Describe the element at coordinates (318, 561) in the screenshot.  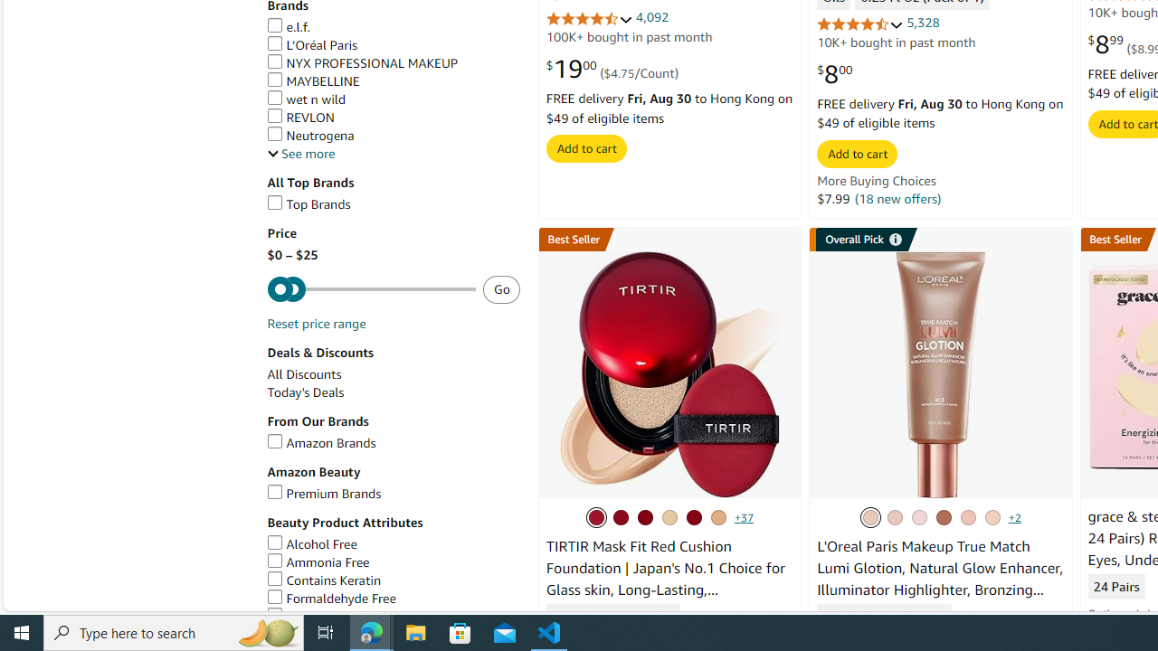
I see `'Ammonia Free'` at that location.